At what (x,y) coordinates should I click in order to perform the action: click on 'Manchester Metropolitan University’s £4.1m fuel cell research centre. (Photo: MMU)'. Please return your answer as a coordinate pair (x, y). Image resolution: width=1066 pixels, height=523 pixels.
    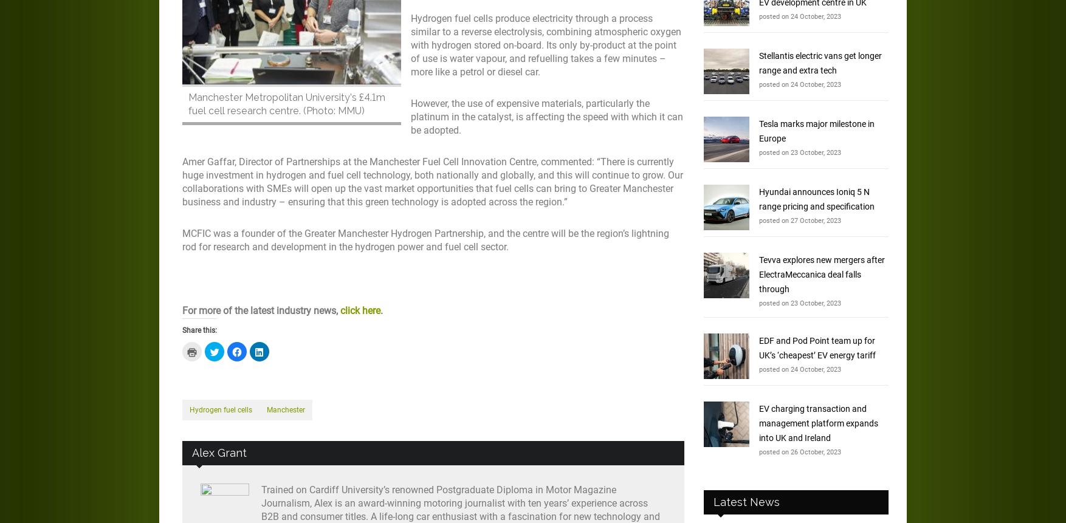
    Looking at the image, I should click on (286, 103).